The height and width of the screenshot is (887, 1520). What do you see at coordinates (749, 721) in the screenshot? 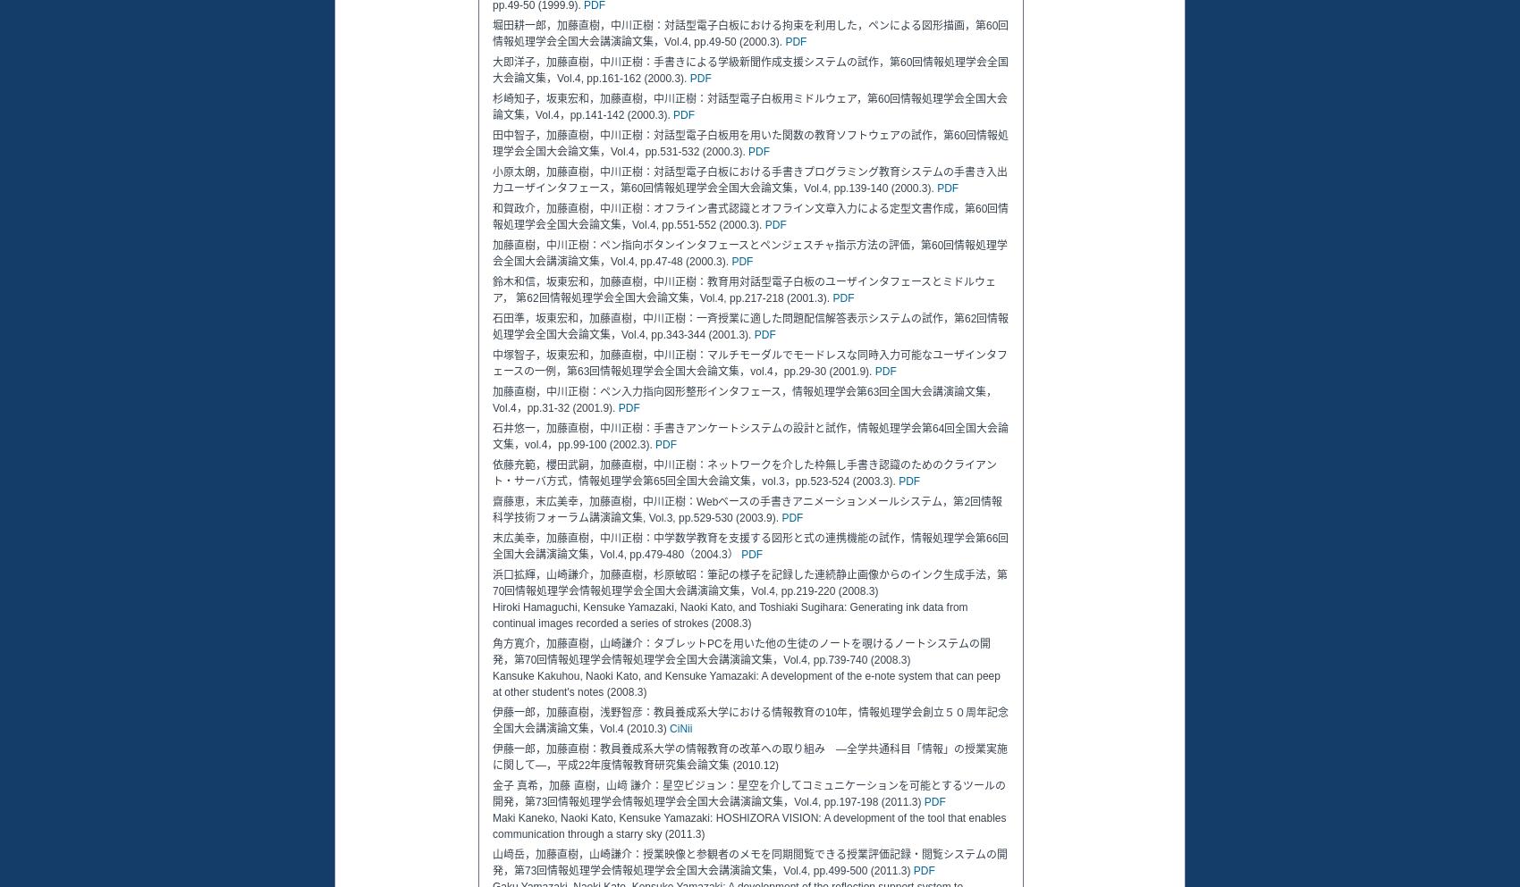
I see `'伊藤一郎，加藤直樹，浅野智彦：教員養成系大学における情報教育の10年，情報処理学会創立５０周年記念全国大会講演論文集，Vol.4 (2010.3)'` at bounding box center [749, 721].